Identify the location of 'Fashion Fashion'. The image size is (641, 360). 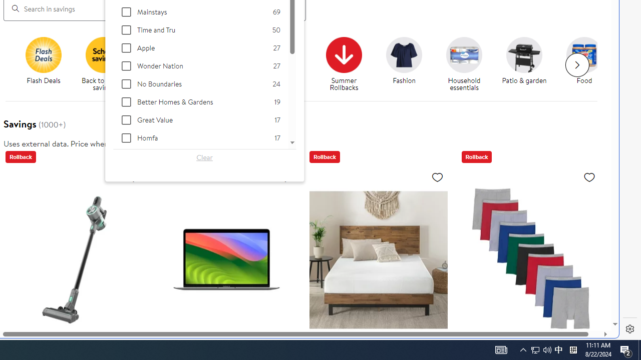
(404, 61).